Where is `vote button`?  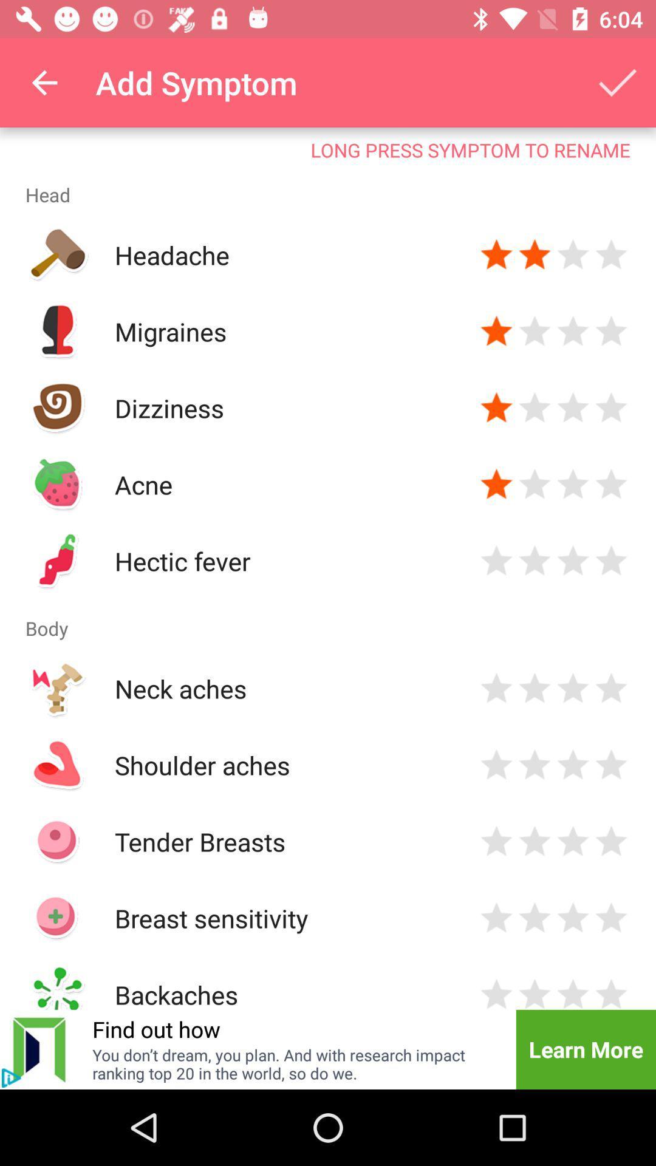
vote button is located at coordinates (496, 841).